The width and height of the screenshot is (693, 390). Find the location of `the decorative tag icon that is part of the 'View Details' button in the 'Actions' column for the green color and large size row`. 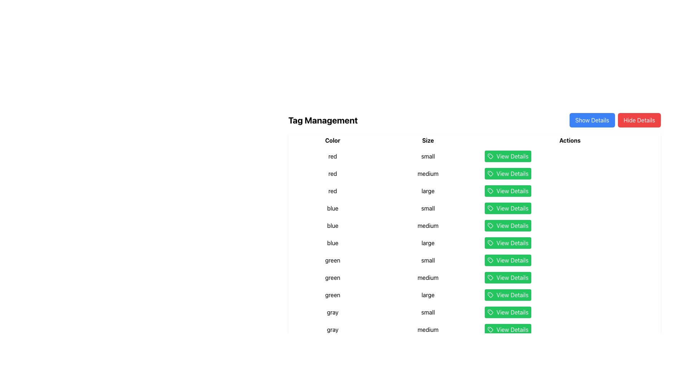

the decorative tag icon that is part of the 'View Details' button in the 'Actions' column for the green color and large size row is located at coordinates (491, 295).